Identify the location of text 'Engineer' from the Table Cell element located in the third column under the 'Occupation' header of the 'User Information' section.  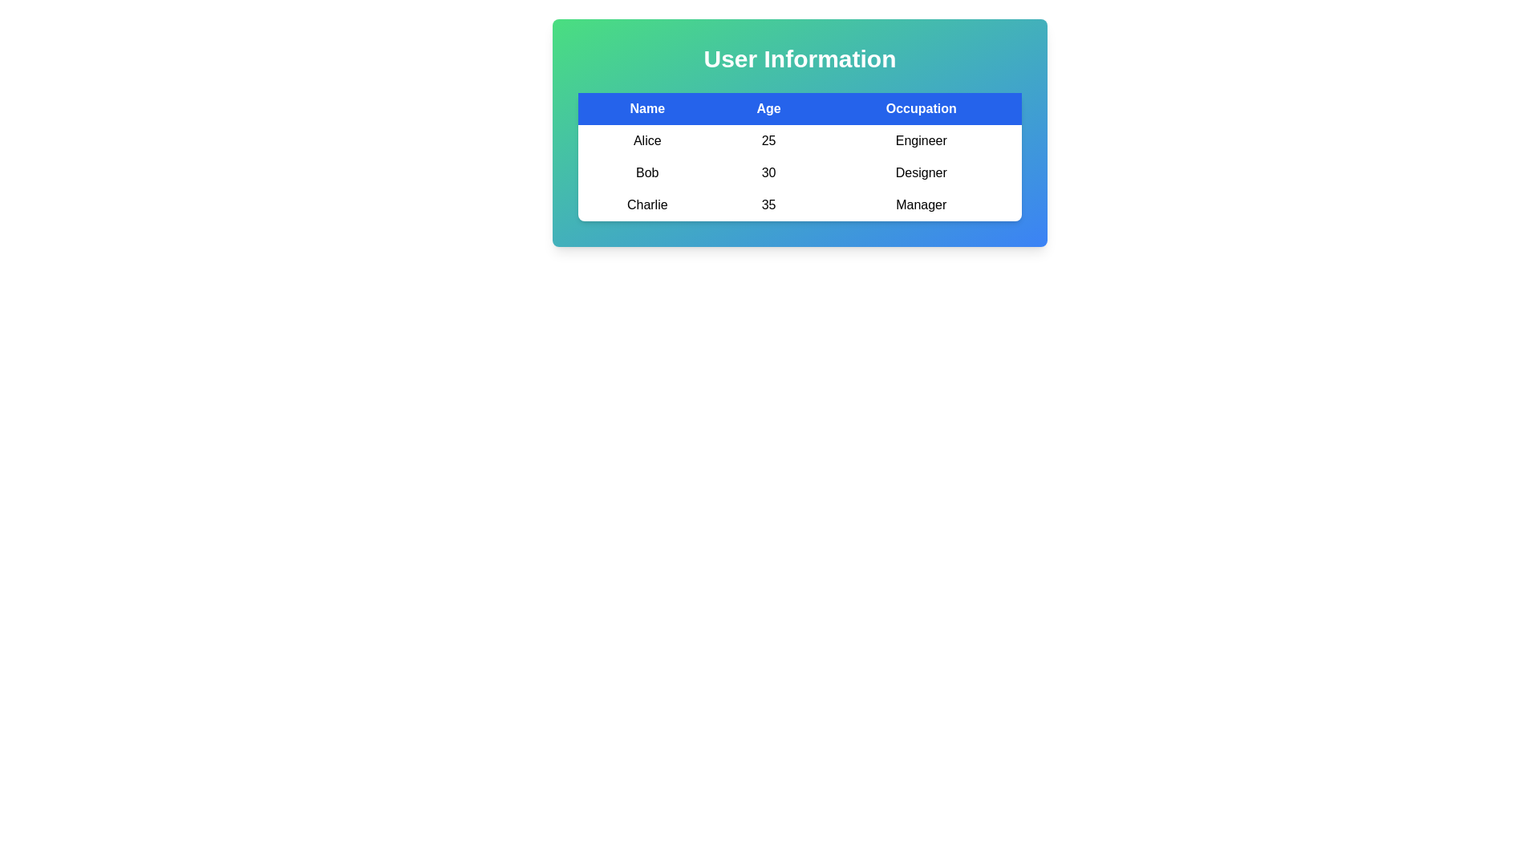
(921, 140).